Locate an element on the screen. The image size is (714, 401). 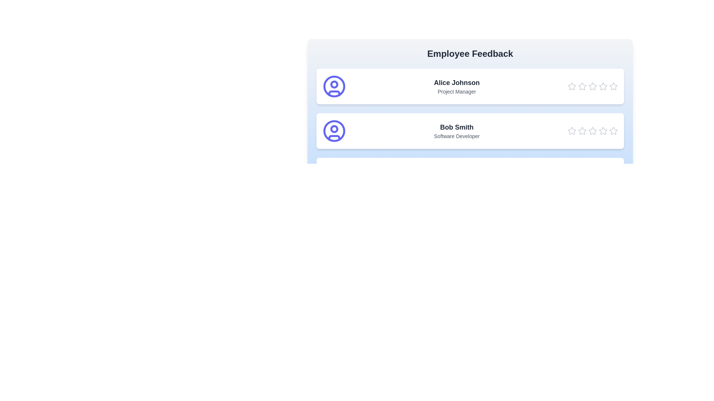
the star corresponding to 5 stars for the employee Bob Smith is located at coordinates (614, 131).